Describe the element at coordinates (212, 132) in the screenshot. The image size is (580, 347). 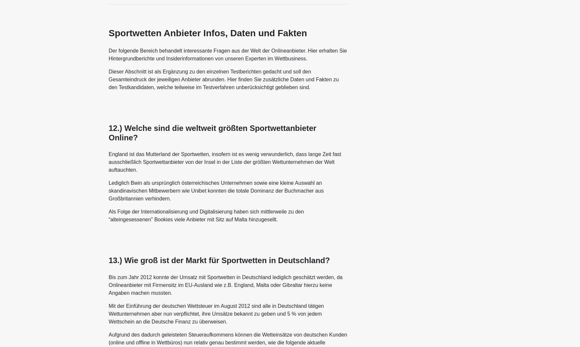
I see `'12.) Welche sind die weltweit größten Sportwettanbieter Online?'` at that location.